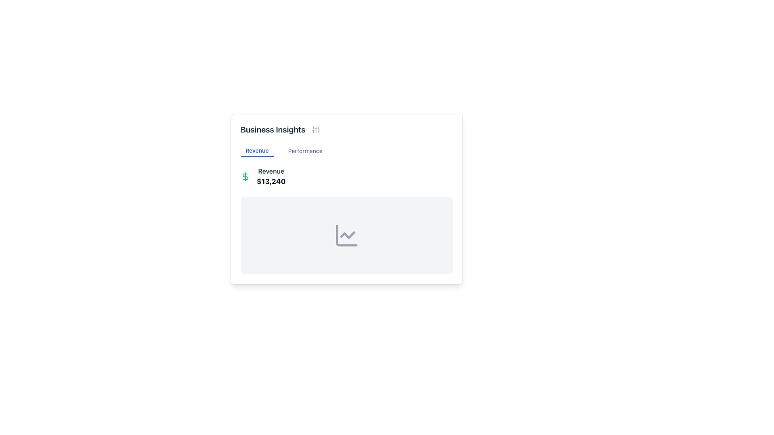  Describe the element at coordinates (245, 176) in the screenshot. I see `the financial indicator icon located at the top-left of the revenue display section, next to the 'Revenue' label and the amount '$13,240'` at that location.